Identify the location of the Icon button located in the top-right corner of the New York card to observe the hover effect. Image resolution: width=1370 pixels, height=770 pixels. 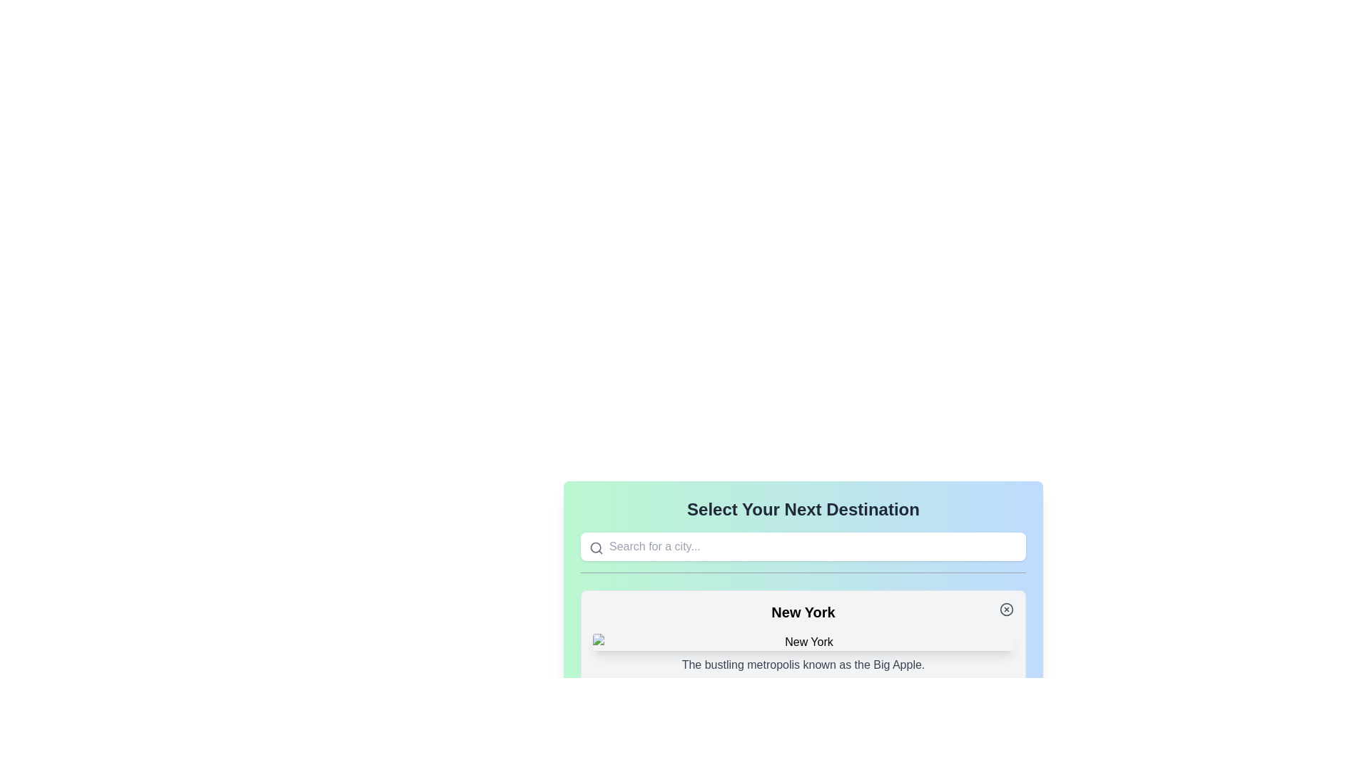
(1006, 610).